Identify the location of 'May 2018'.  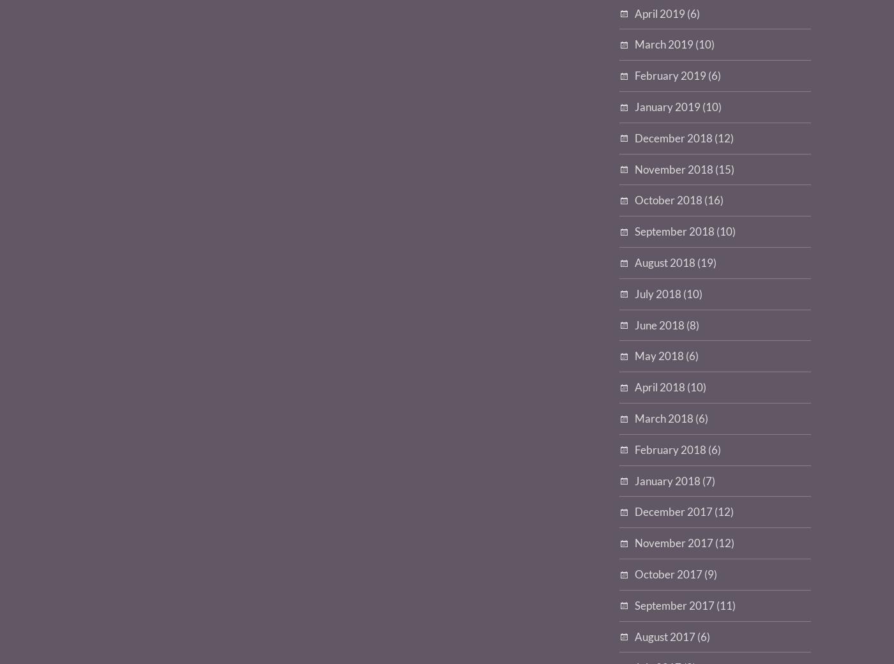
(635, 355).